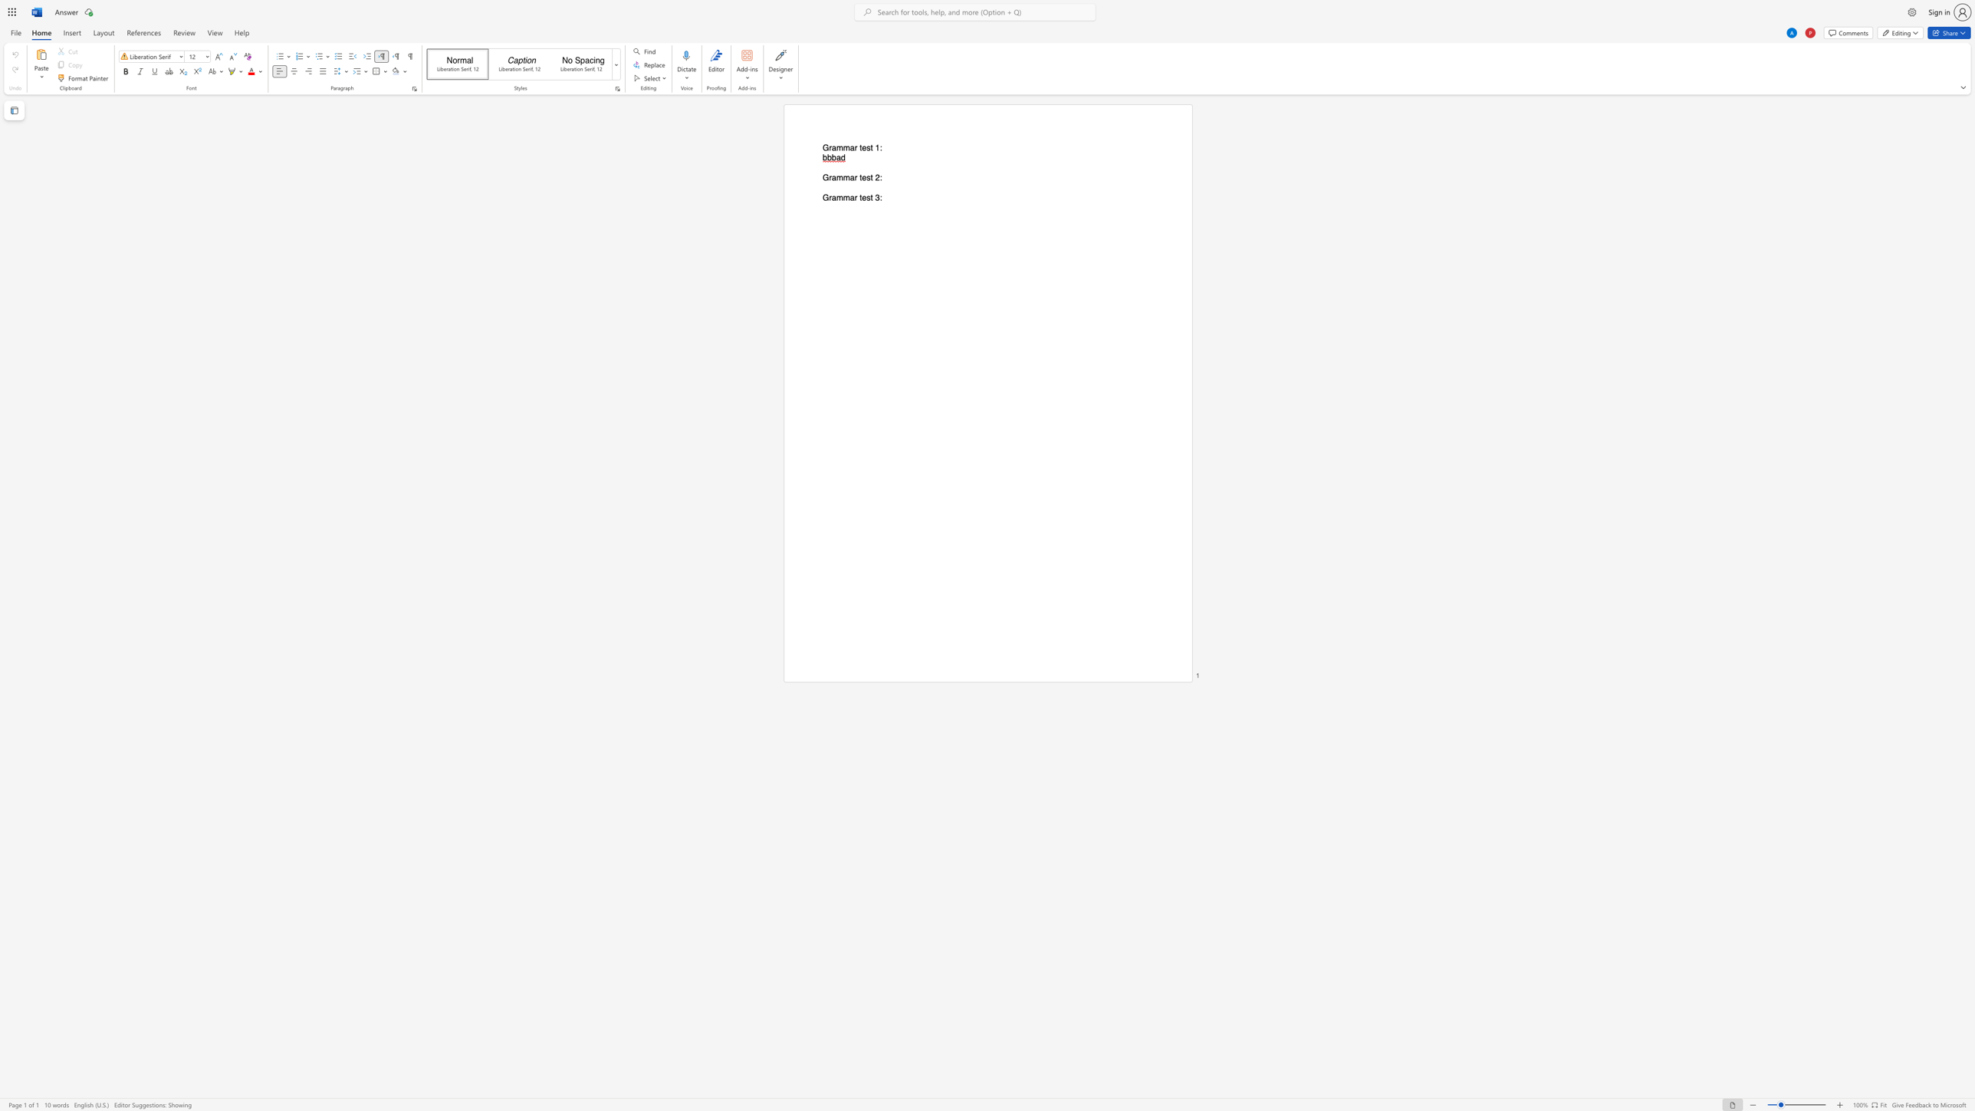 This screenshot has height=1111, width=1975. What do you see at coordinates (861, 198) in the screenshot?
I see `the subset text "est 3" within the text "Grammar test 3:"` at bounding box center [861, 198].